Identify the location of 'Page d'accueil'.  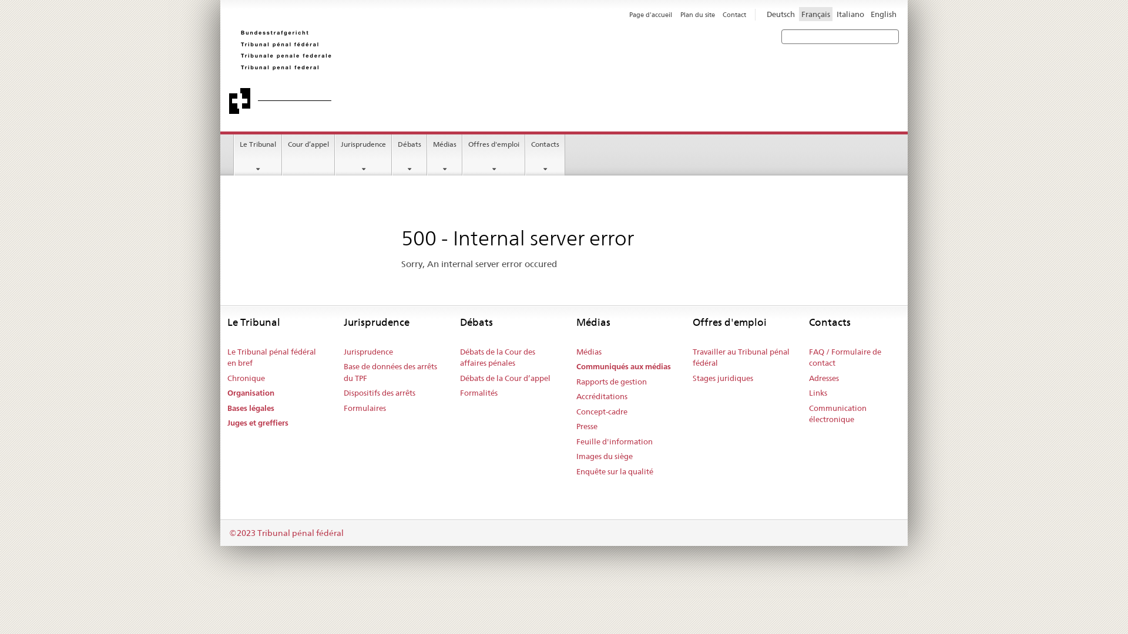
(650, 14).